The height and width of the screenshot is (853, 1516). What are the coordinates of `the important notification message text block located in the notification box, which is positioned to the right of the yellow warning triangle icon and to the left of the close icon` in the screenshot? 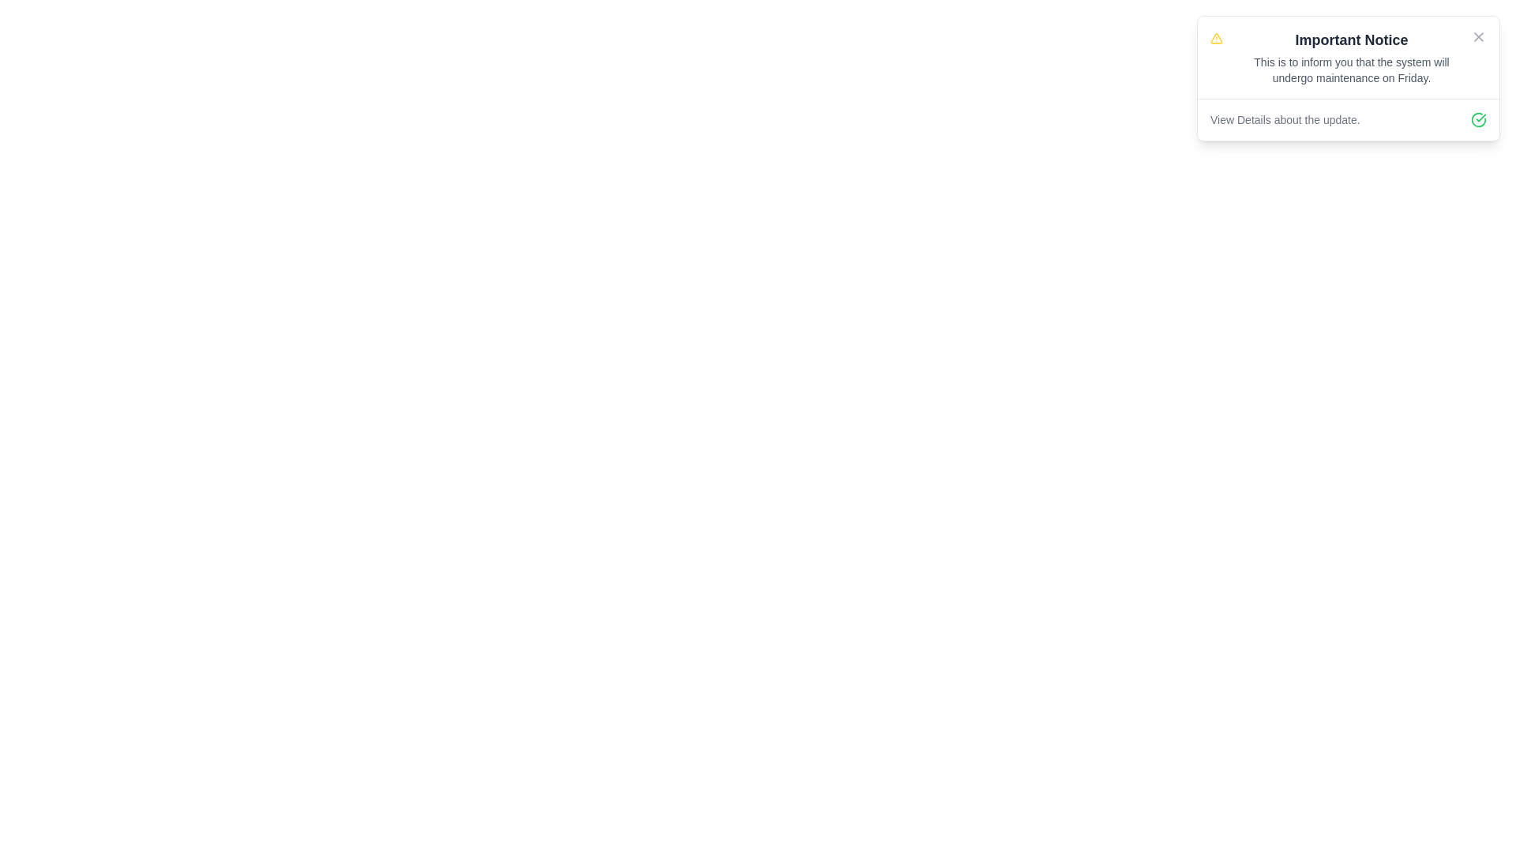 It's located at (1351, 57).